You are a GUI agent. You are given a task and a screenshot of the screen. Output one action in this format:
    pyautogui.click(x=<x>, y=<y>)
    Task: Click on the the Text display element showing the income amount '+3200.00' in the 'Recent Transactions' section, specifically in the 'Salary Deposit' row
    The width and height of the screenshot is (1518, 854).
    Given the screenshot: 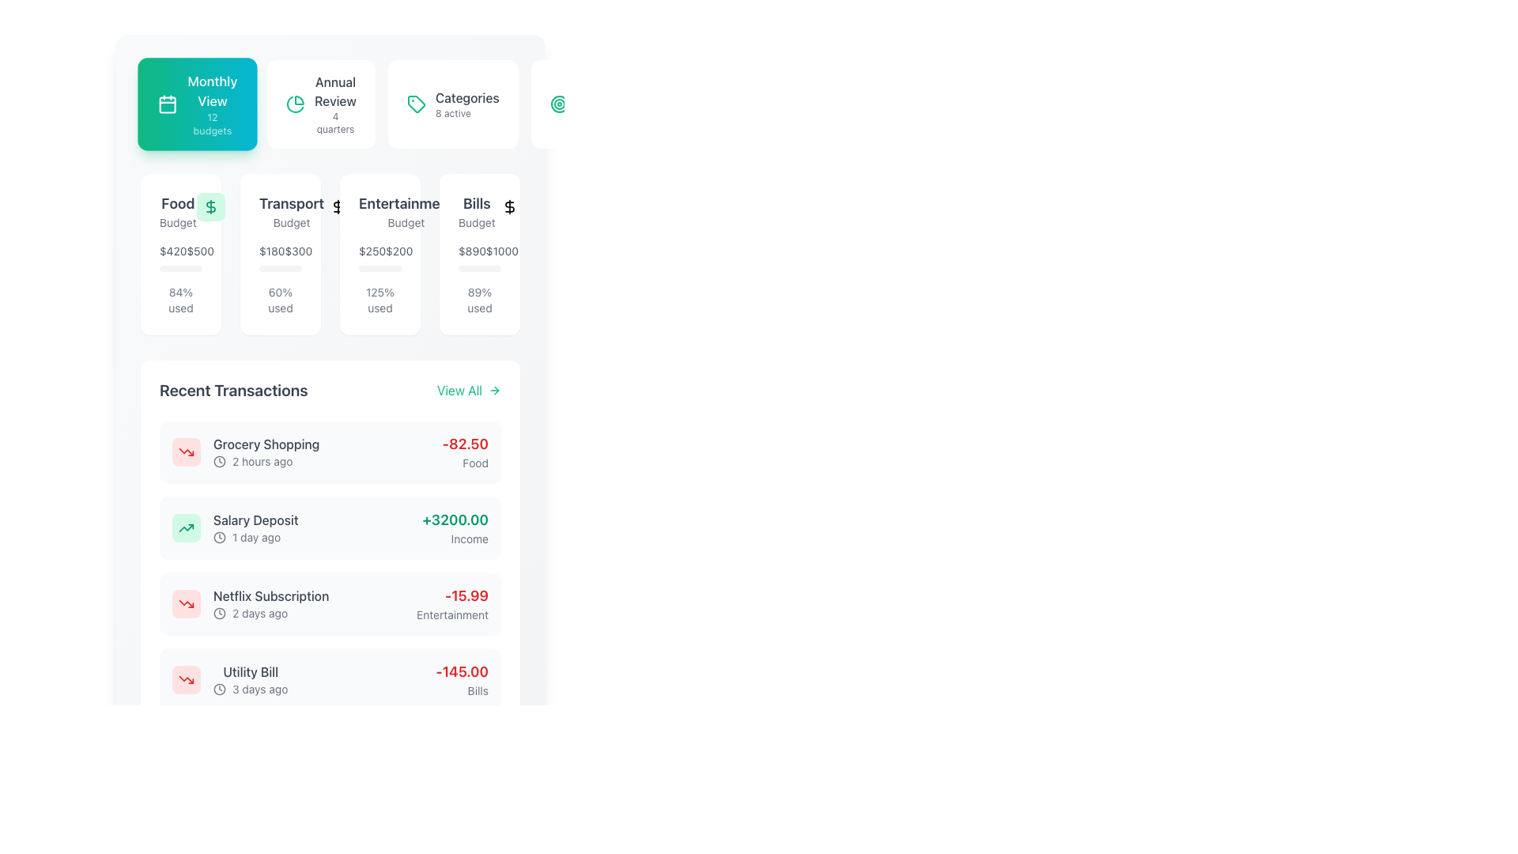 What is the action you would take?
    pyautogui.click(x=455, y=527)
    